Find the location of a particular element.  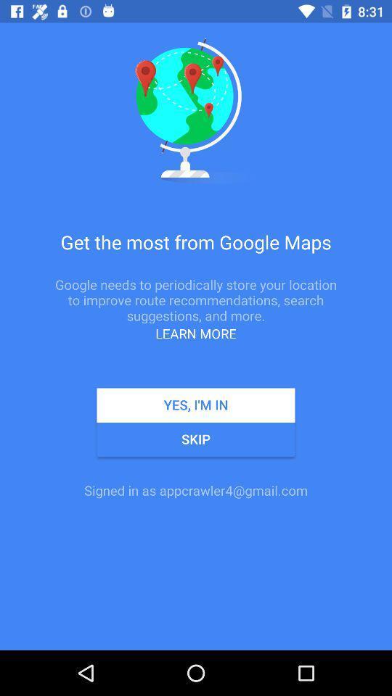

app below google needs to app is located at coordinates (196, 333).